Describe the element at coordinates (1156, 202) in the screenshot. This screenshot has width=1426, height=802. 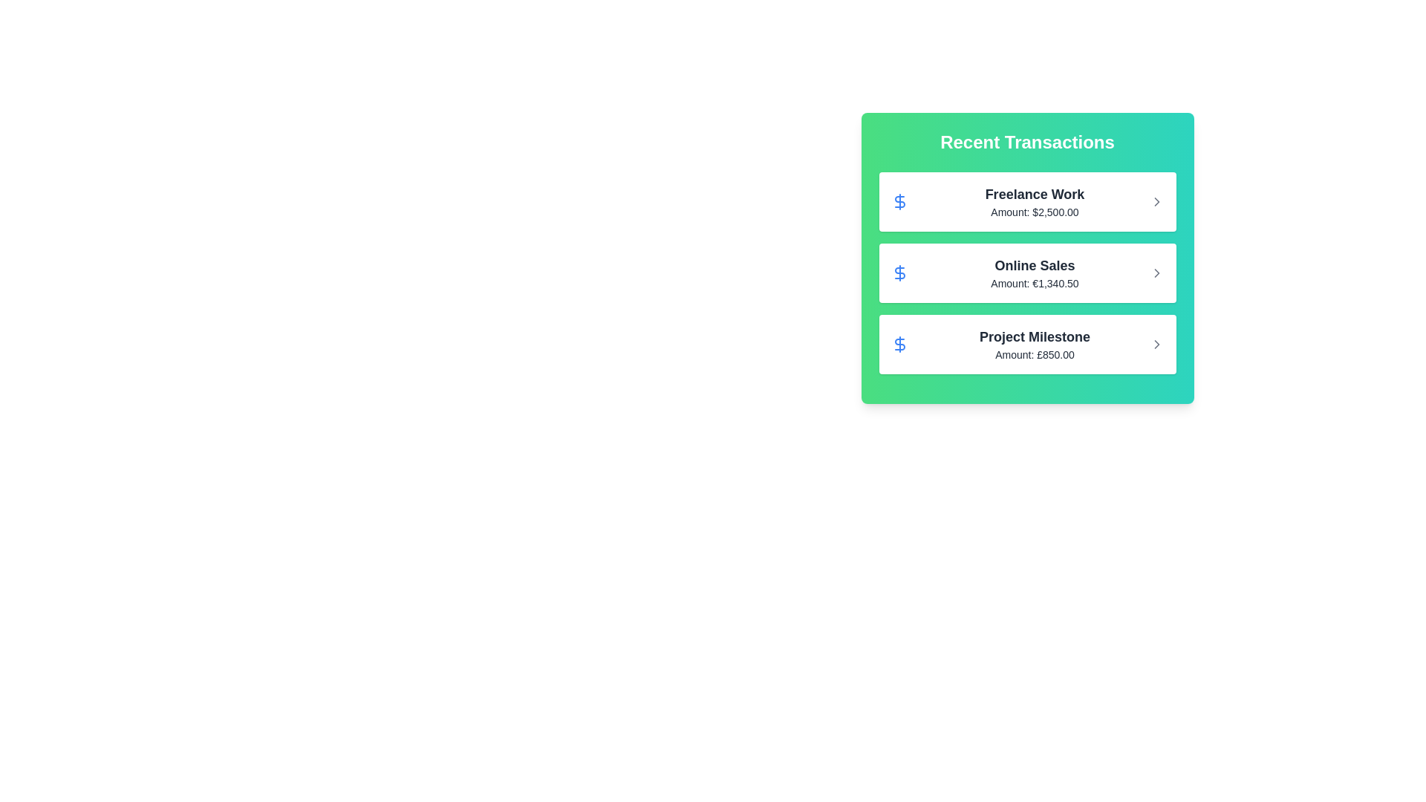
I see `the icon located to the far right of the 'Freelance Work' transaction item, which visually indicates further navigation or details related to the transaction` at that location.